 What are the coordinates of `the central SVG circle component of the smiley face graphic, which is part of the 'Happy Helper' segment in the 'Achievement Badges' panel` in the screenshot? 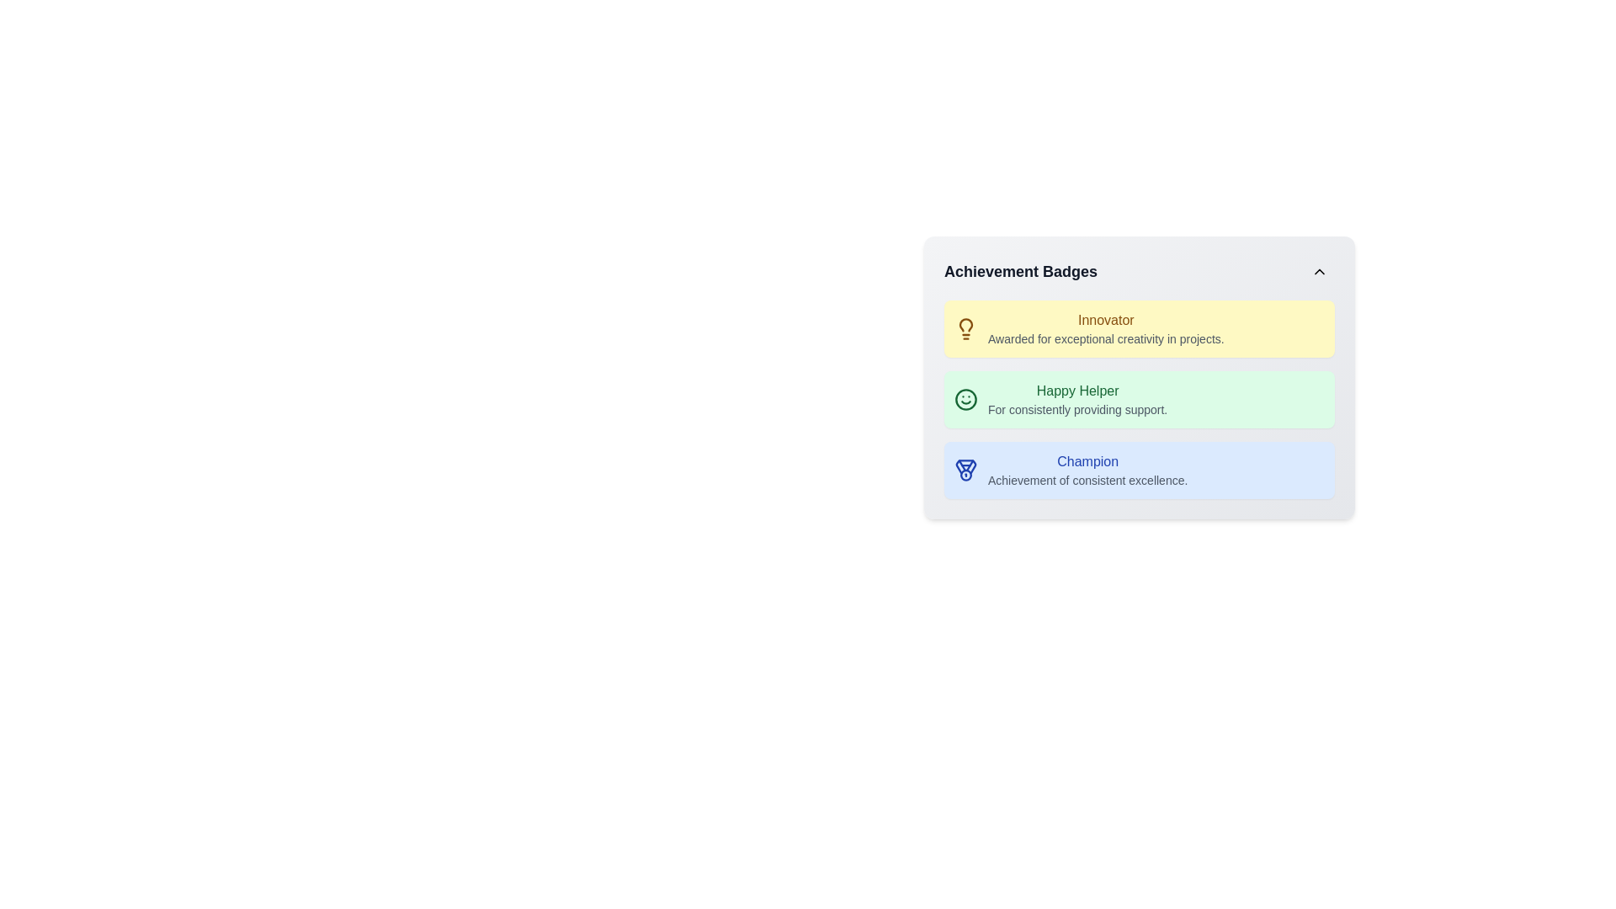 It's located at (965, 399).